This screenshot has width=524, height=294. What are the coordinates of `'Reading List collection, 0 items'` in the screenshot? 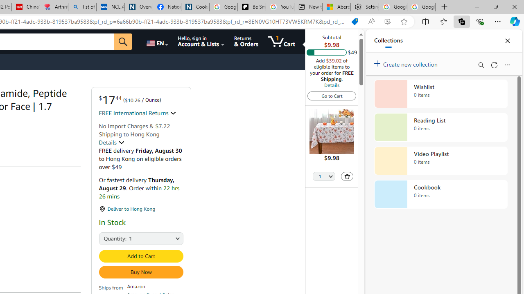 It's located at (440, 127).